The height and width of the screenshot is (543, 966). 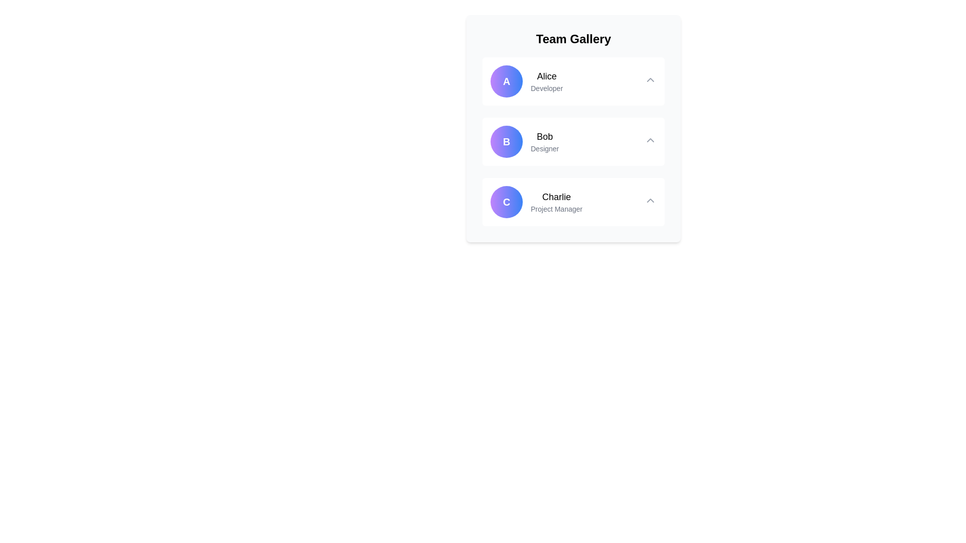 I want to click on the icon at the far right of the 'Charlie - Project Manager' entry, so click(x=650, y=202).